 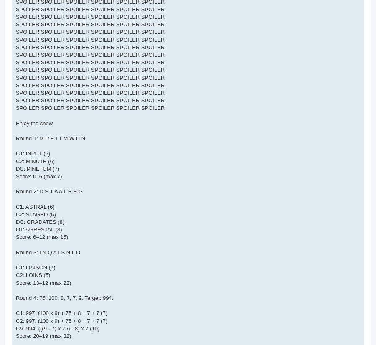 What do you see at coordinates (38, 176) in the screenshot?
I see `'Score: 0–6 (max 7)'` at bounding box center [38, 176].